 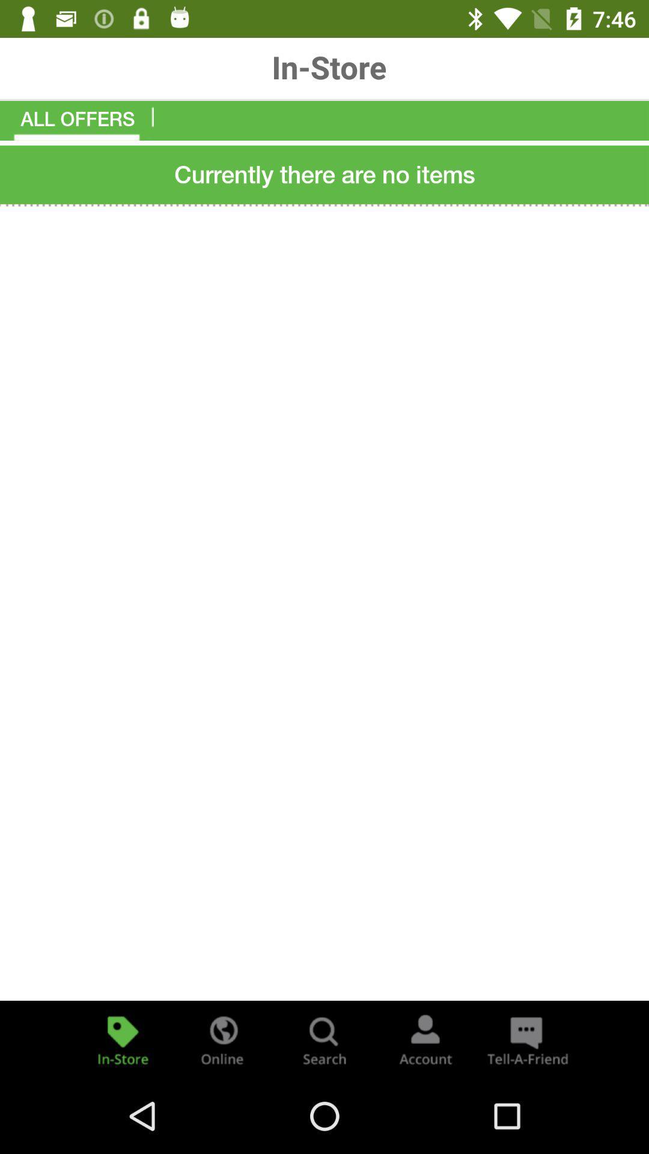 I want to click on the chat icon, so click(x=525, y=1039).